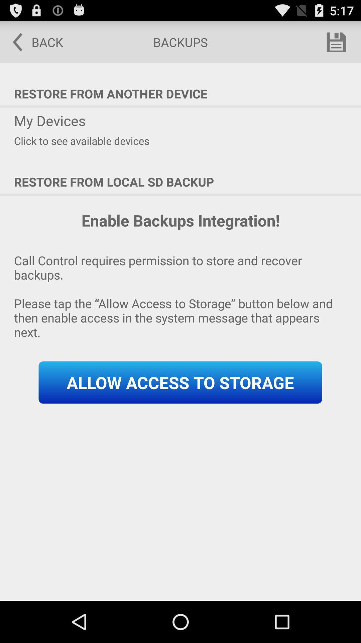  What do you see at coordinates (336, 45) in the screenshot?
I see `the save icon` at bounding box center [336, 45].